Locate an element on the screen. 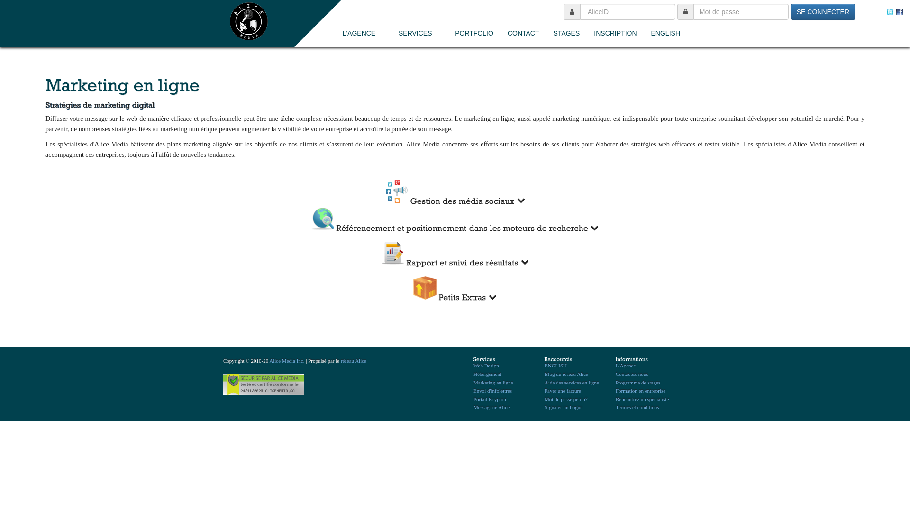 The height and width of the screenshot is (512, 910). 'CONTACT' is located at coordinates (523, 32).